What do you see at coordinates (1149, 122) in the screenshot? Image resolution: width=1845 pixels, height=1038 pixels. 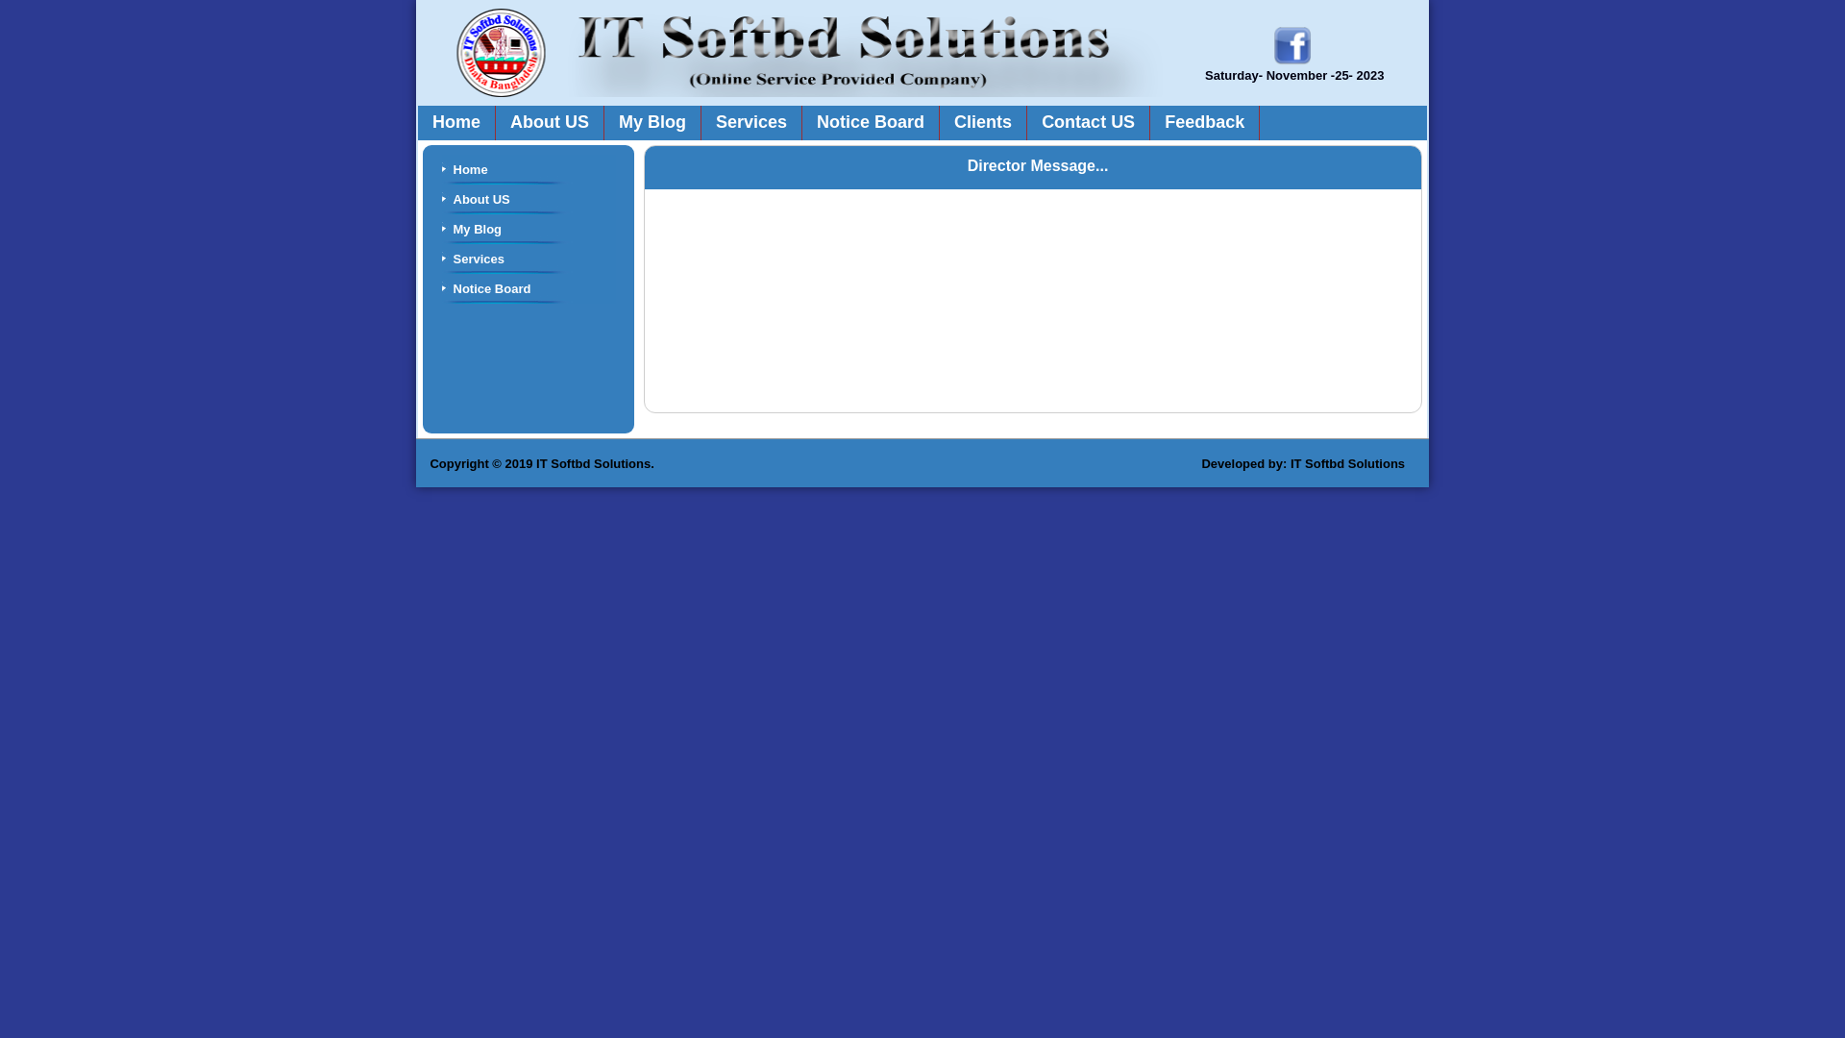 I see `'Feedback'` at bounding box center [1149, 122].